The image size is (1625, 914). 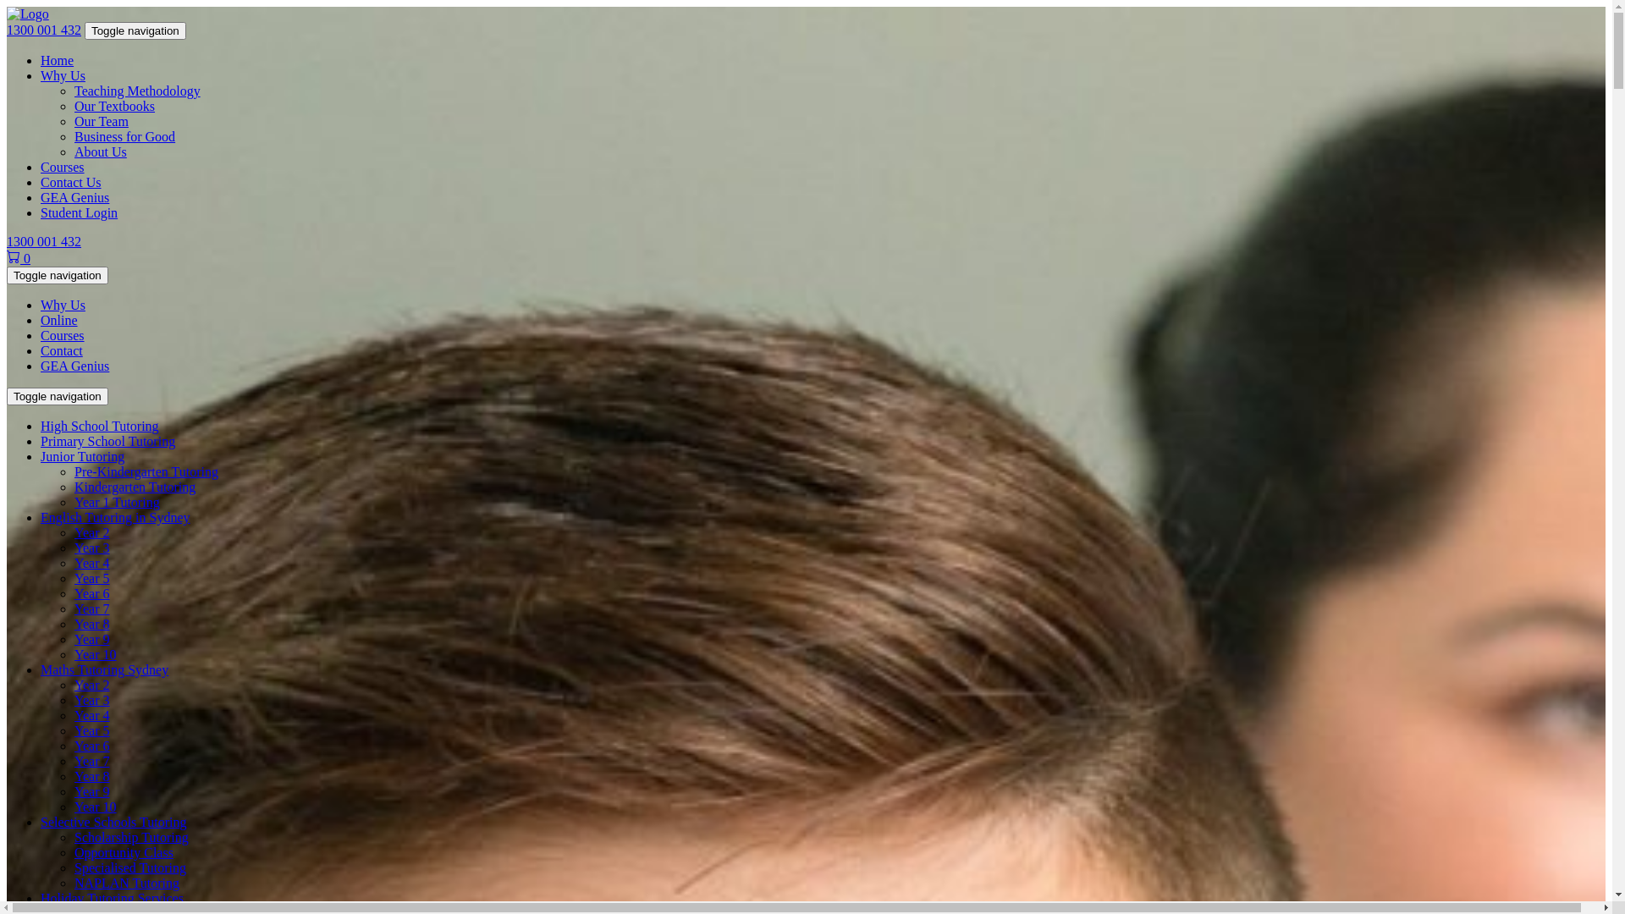 What do you see at coordinates (123, 852) in the screenshot?
I see `'Opportunity Class'` at bounding box center [123, 852].